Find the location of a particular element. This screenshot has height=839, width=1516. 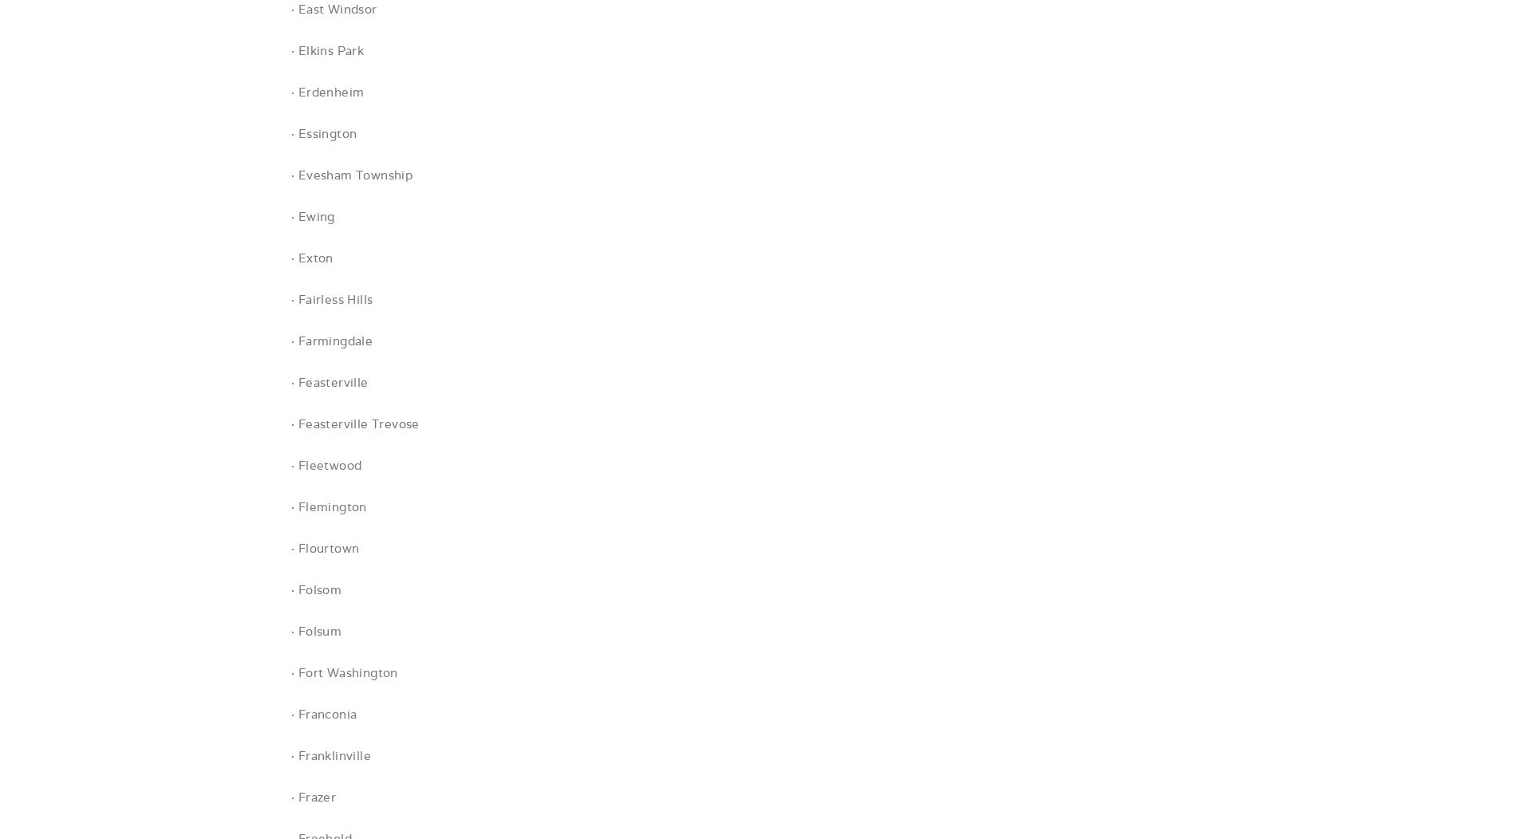

'· Flourtown' is located at coordinates (290, 547).